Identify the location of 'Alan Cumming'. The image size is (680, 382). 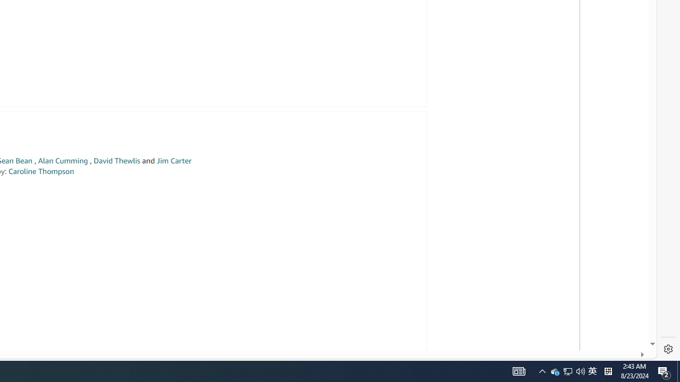
(62, 161).